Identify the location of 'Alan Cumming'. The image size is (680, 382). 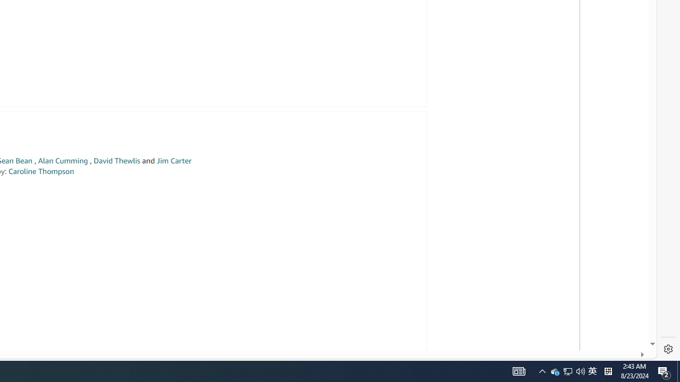
(62, 161).